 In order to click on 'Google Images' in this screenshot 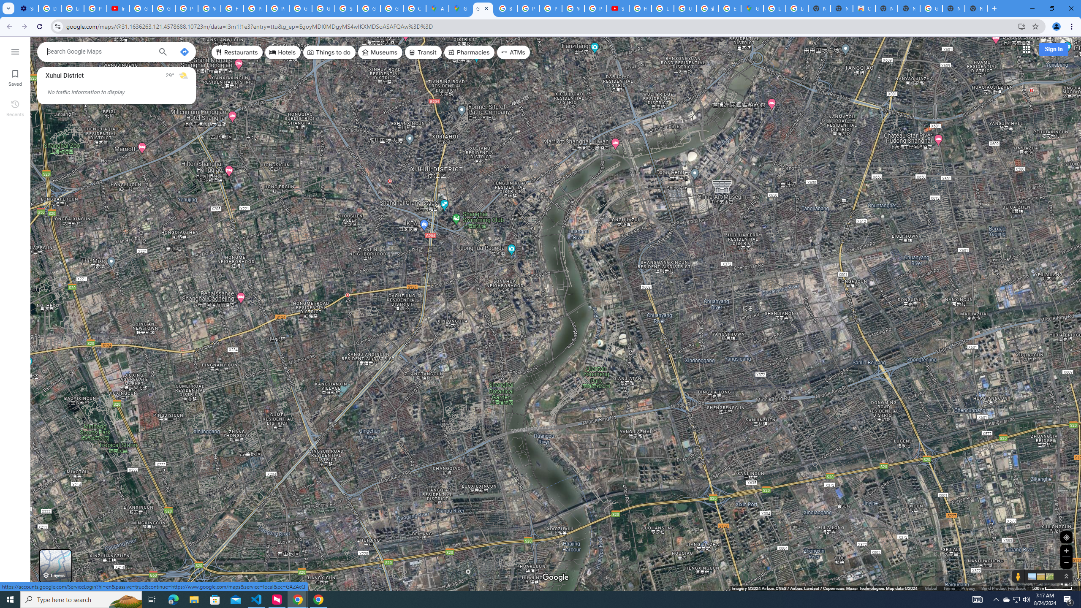, I will do `click(931, 8)`.